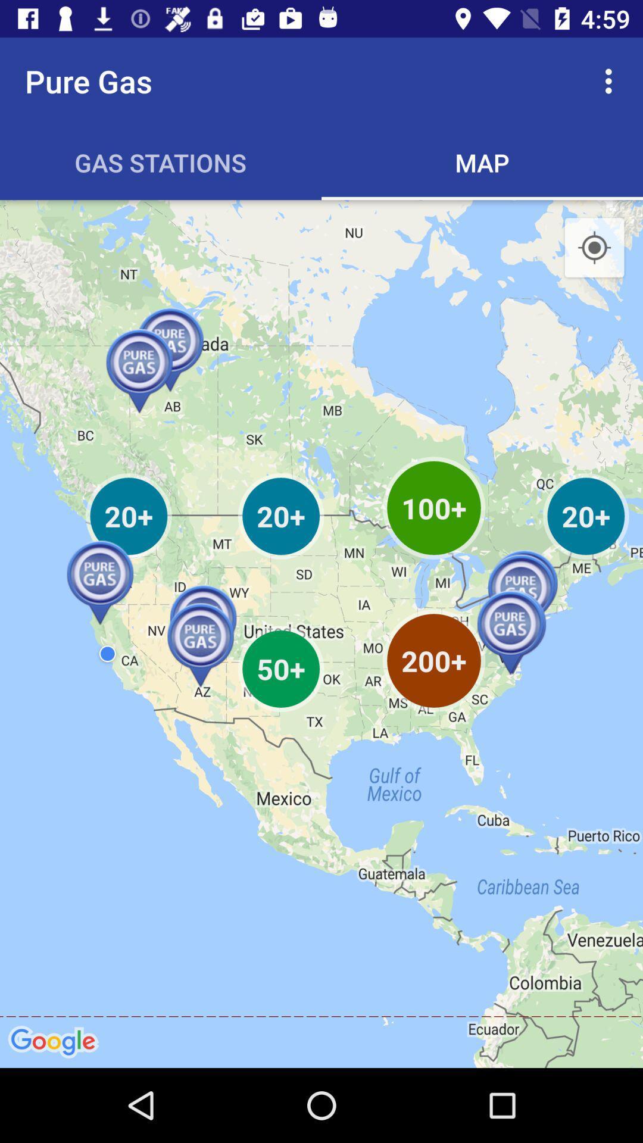 The width and height of the screenshot is (643, 1143). I want to click on item at the center, so click(321, 633).